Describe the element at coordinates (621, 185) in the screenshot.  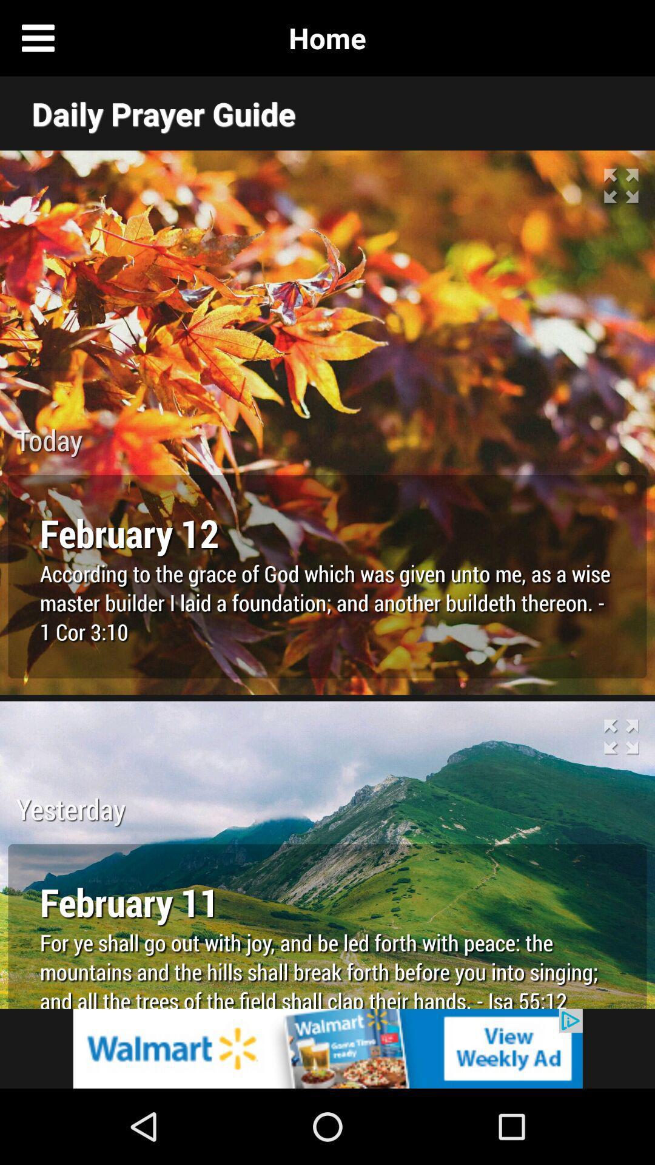
I see `the maximize icon of the first image` at that location.